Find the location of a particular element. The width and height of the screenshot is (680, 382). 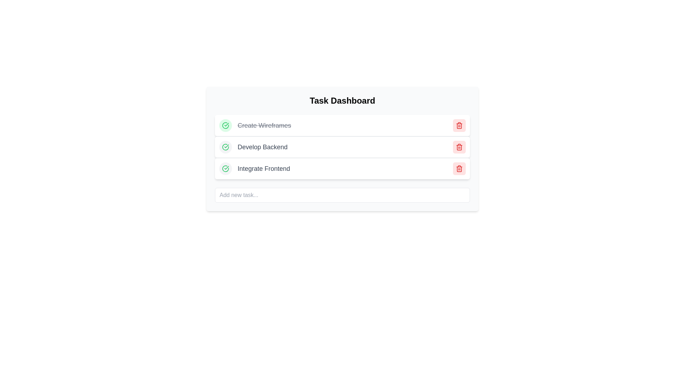

the second trash bin icon located to the right of the 'Develop Backend' task item is located at coordinates (459, 147).